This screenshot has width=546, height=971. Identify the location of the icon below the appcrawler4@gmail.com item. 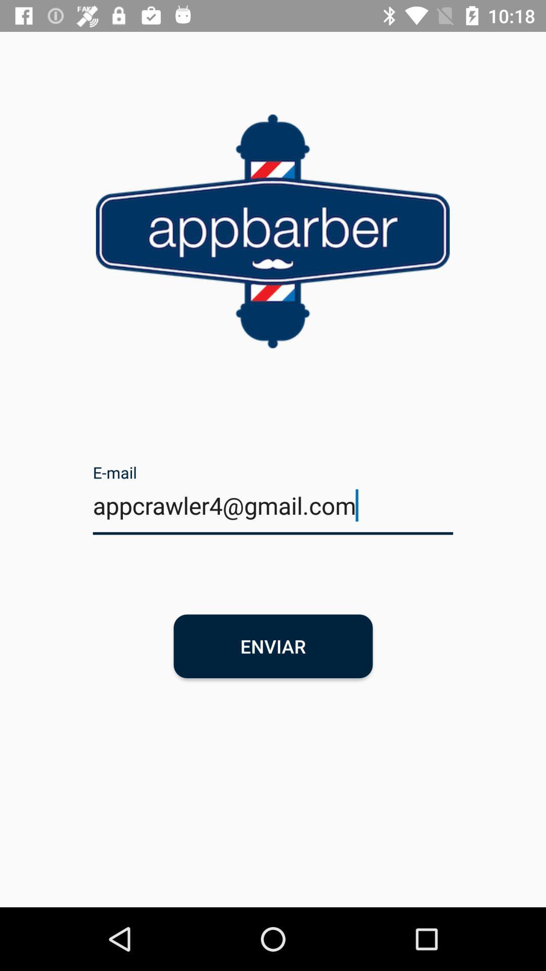
(273, 645).